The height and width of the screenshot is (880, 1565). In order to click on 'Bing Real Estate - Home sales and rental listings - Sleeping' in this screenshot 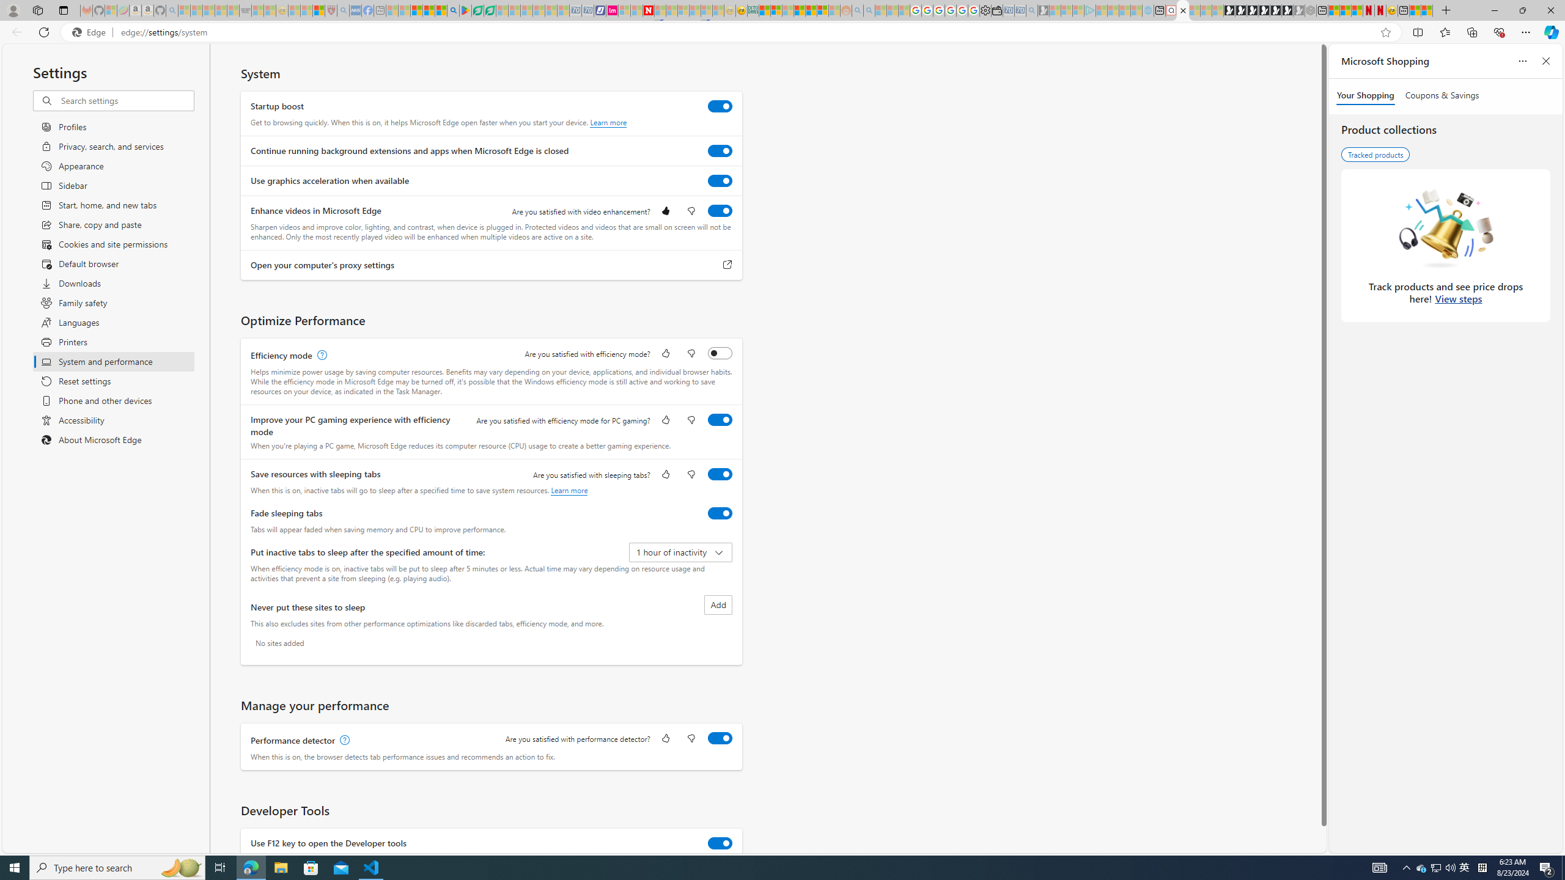, I will do `click(1031, 10)`.